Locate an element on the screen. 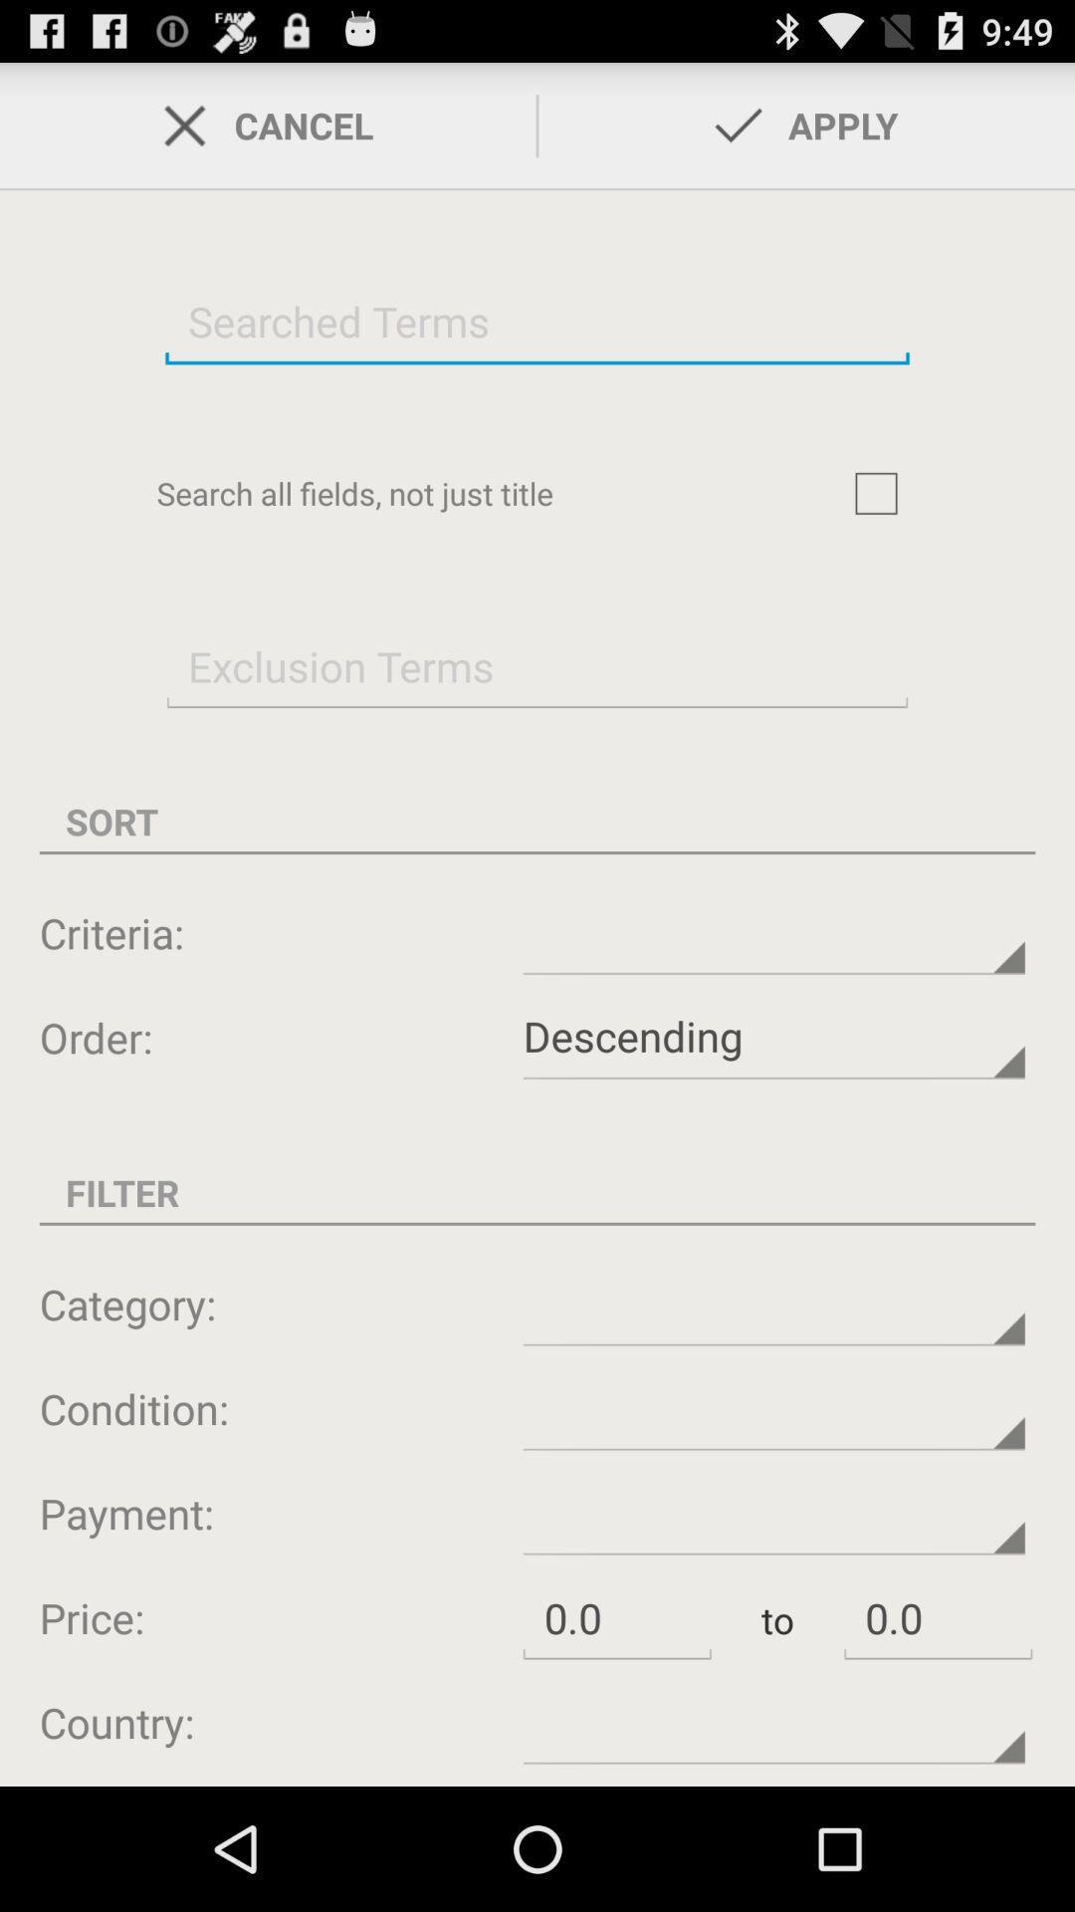  play is located at coordinates (875, 493).